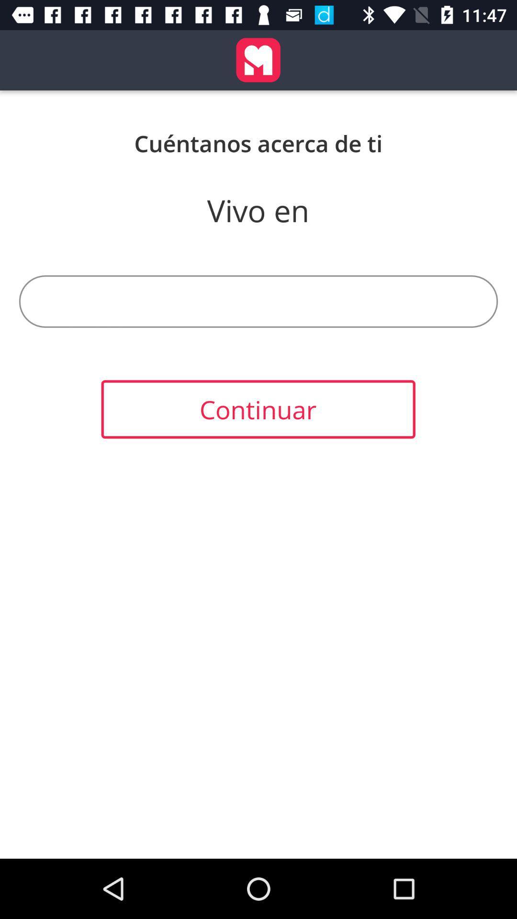 The image size is (517, 919). Describe the element at coordinates (258, 301) in the screenshot. I see `item above continuar item` at that location.